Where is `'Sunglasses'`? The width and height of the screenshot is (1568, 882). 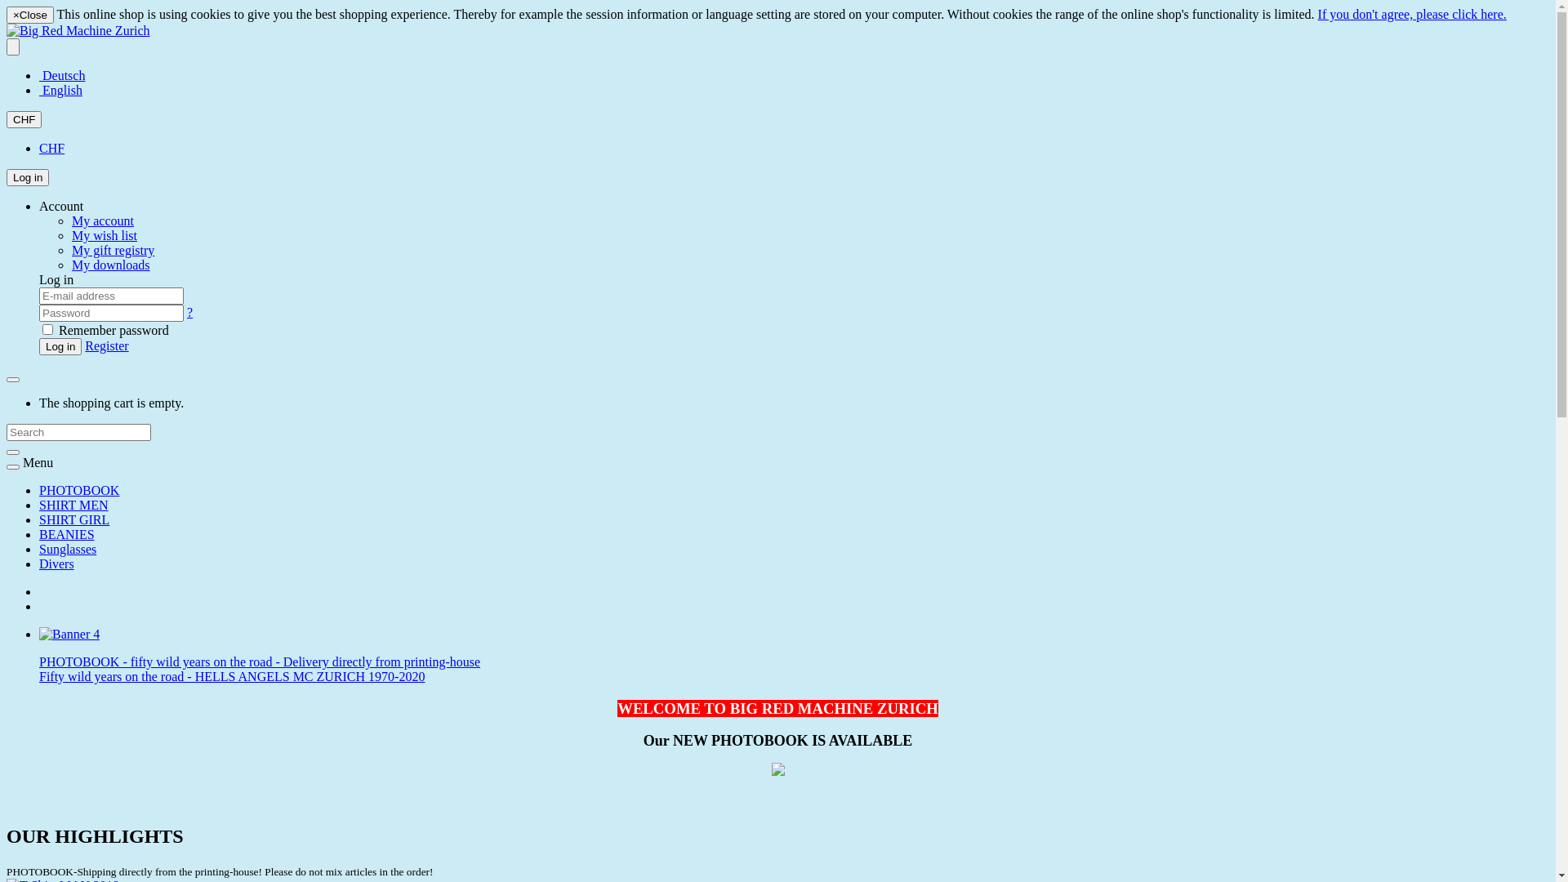 'Sunglasses' is located at coordinates (66, 549).